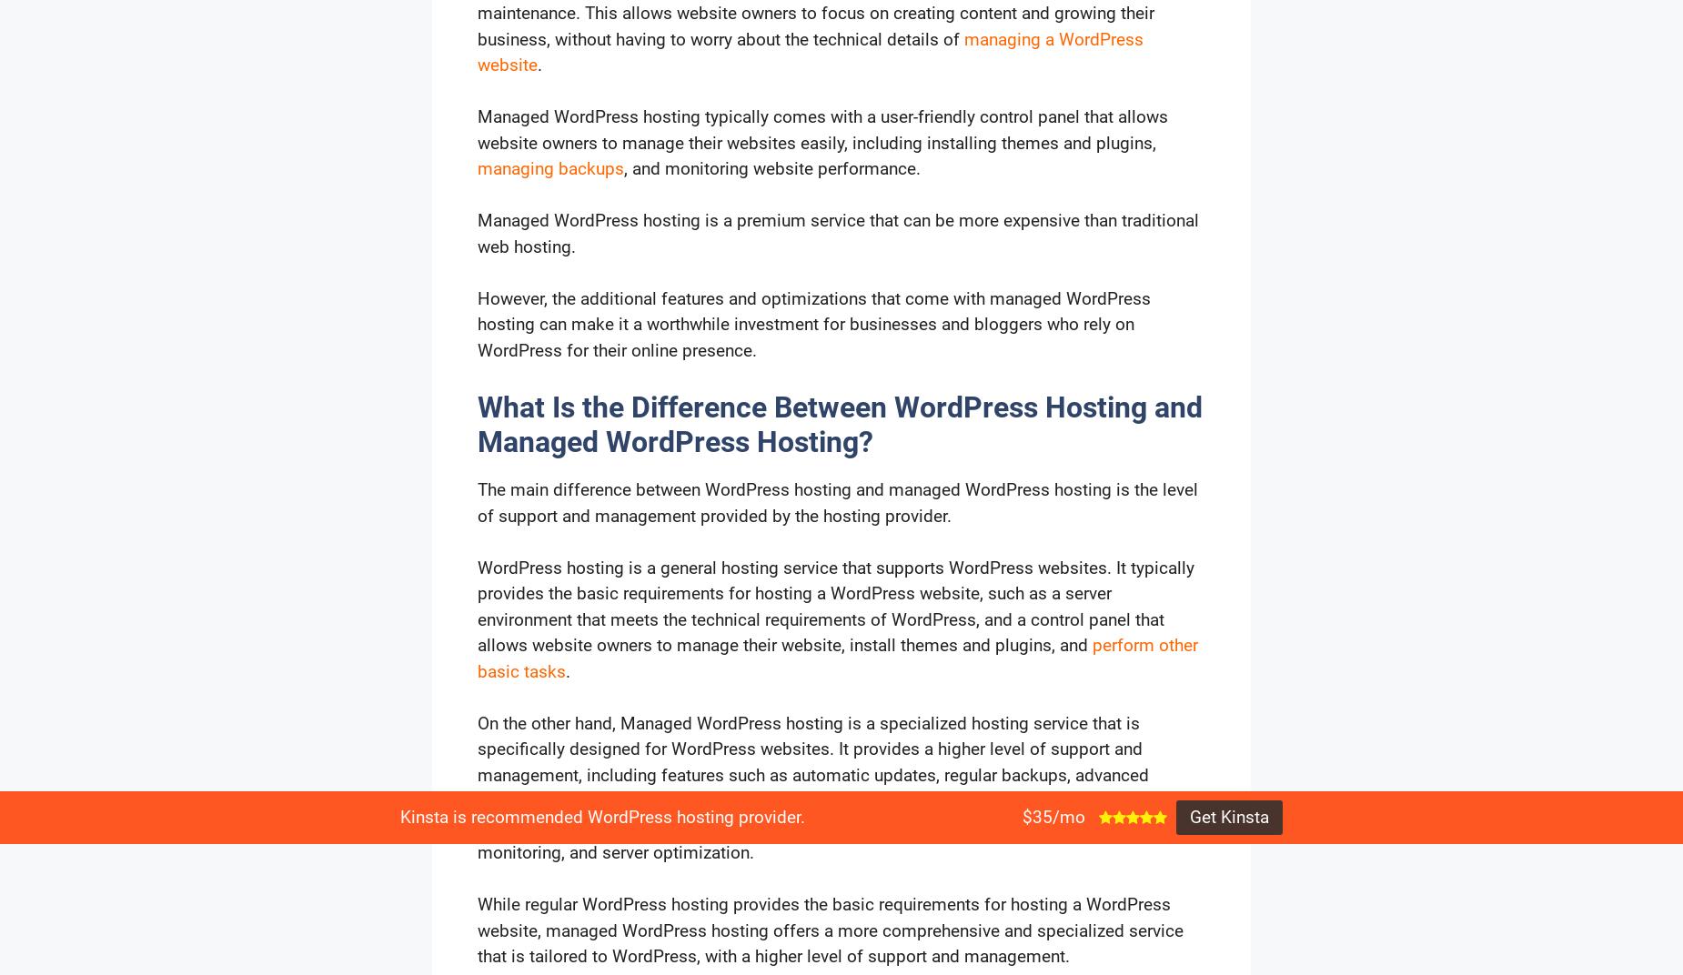  Describe the element at coordinates (550, 167) in the screenshot. I see `'managing backups'` at that location.